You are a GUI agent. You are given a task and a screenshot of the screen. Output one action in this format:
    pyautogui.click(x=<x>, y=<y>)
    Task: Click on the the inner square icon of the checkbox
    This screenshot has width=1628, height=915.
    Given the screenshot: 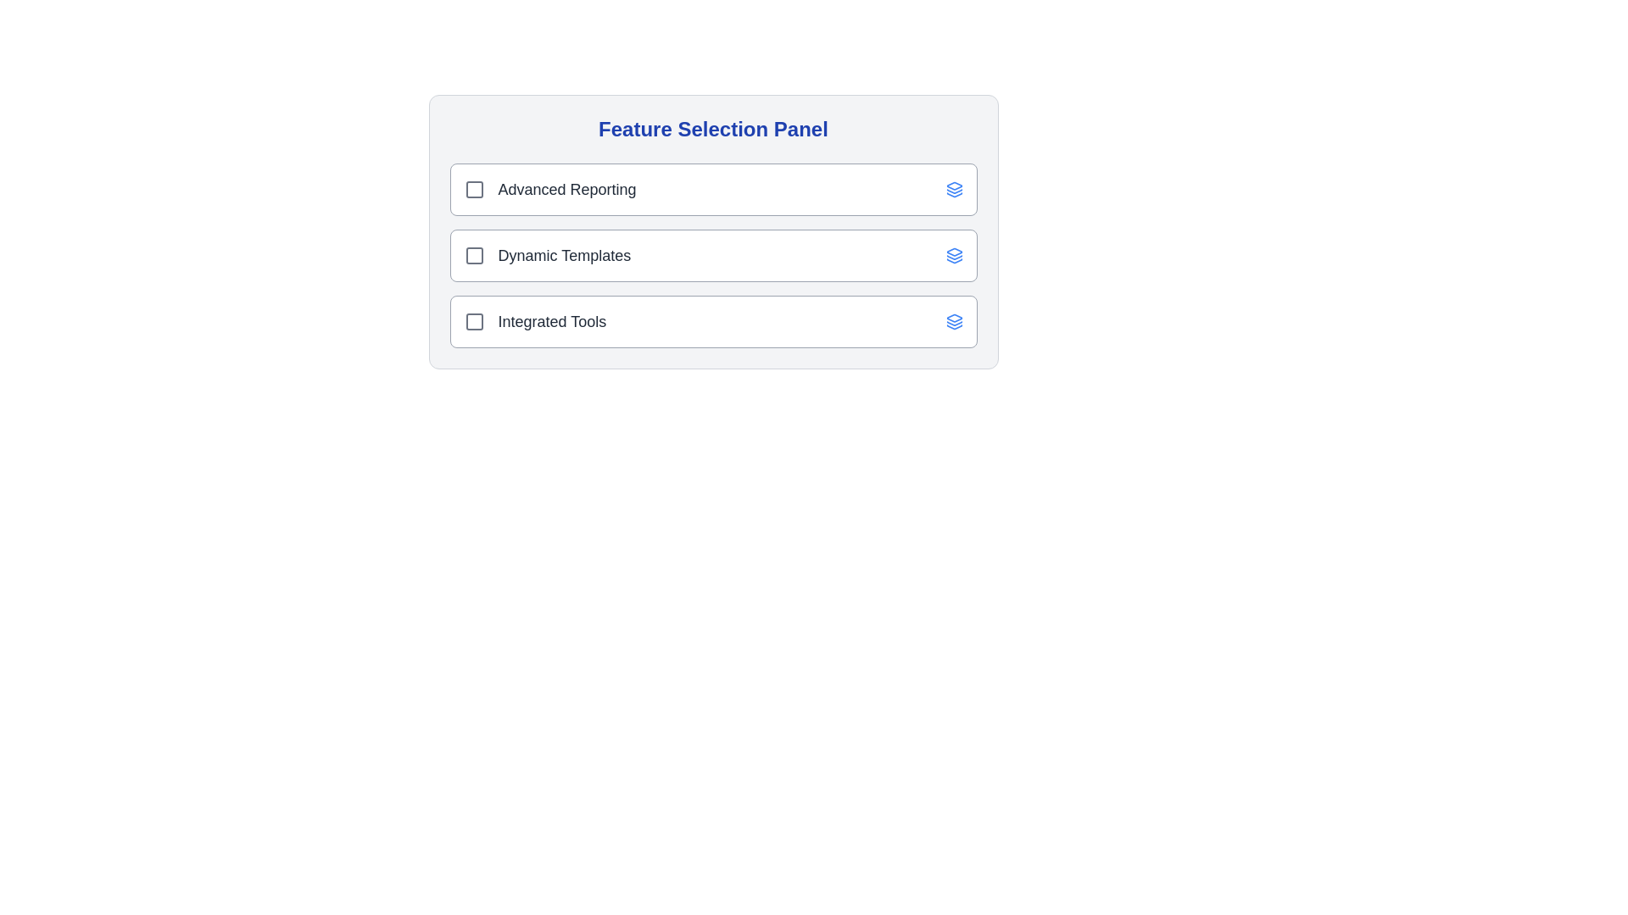 What is the action you would take?
    pyautogui.click(x=474, y=322)
    